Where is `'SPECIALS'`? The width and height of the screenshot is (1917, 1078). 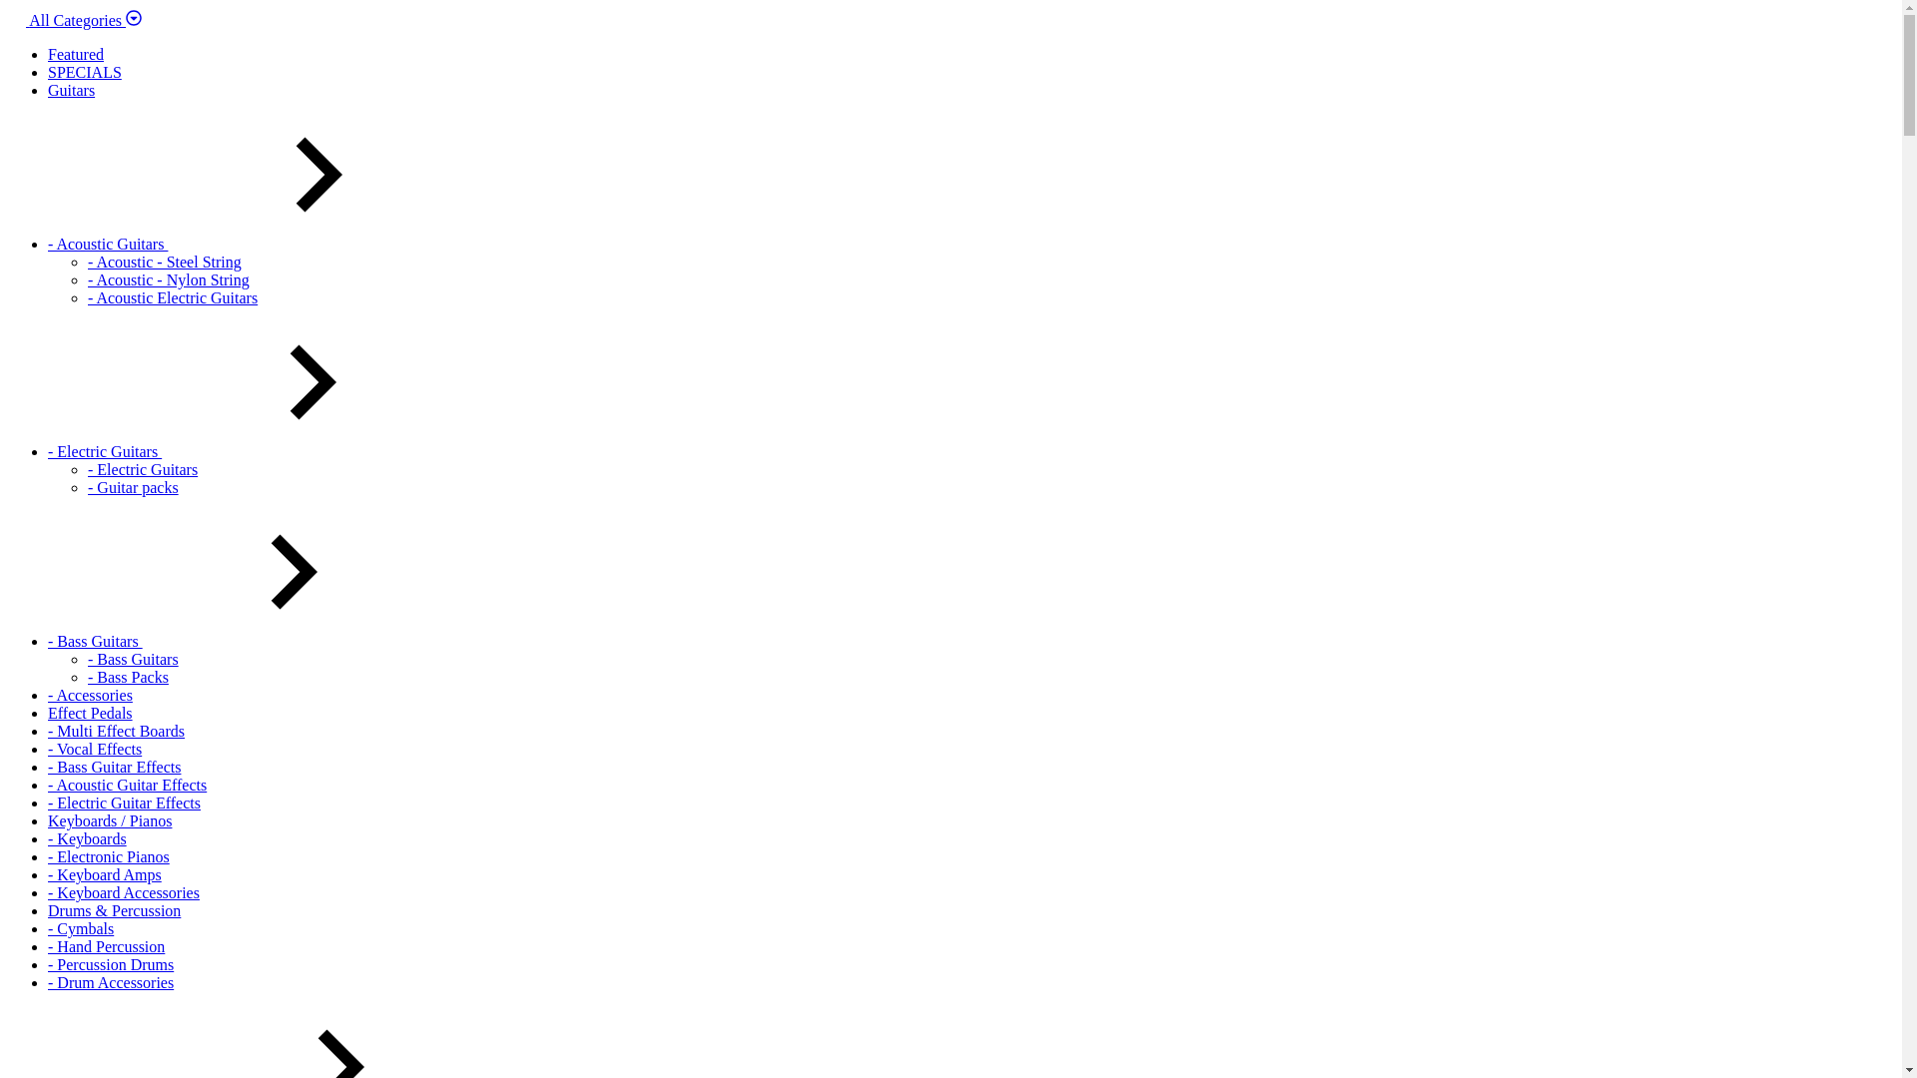 'SPECIALS' is located at coordinates (84, 71).